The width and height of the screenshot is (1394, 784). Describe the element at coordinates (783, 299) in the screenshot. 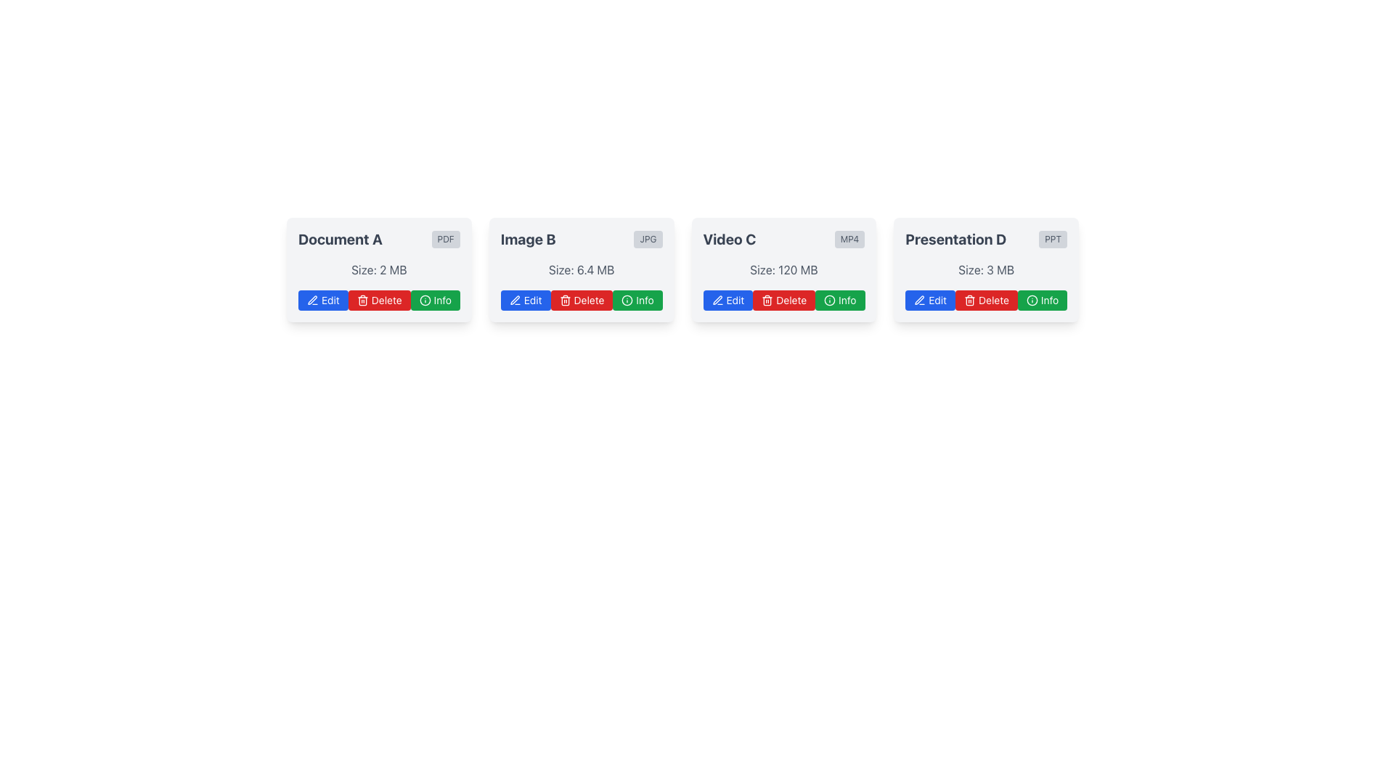

I see `the 'Delete' button, which is the second button in a sequence of three (Edit, Delete, Info)` at that location.